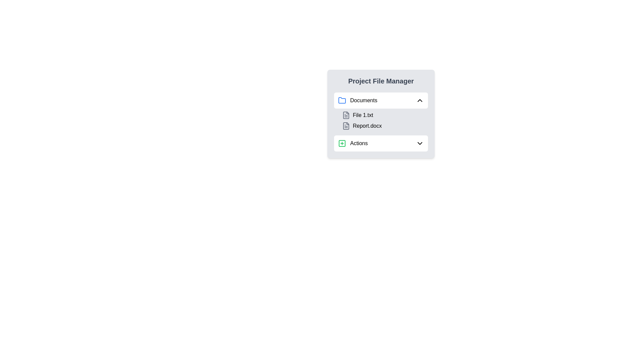 The height and width of the screenshot is (362, 644). Describe the element at coordinates (342, 143) in the screenshot. I see `the button icon located to the left of the 'Actions' label in the bottom section of the 'Project File Manager' card` at that location.